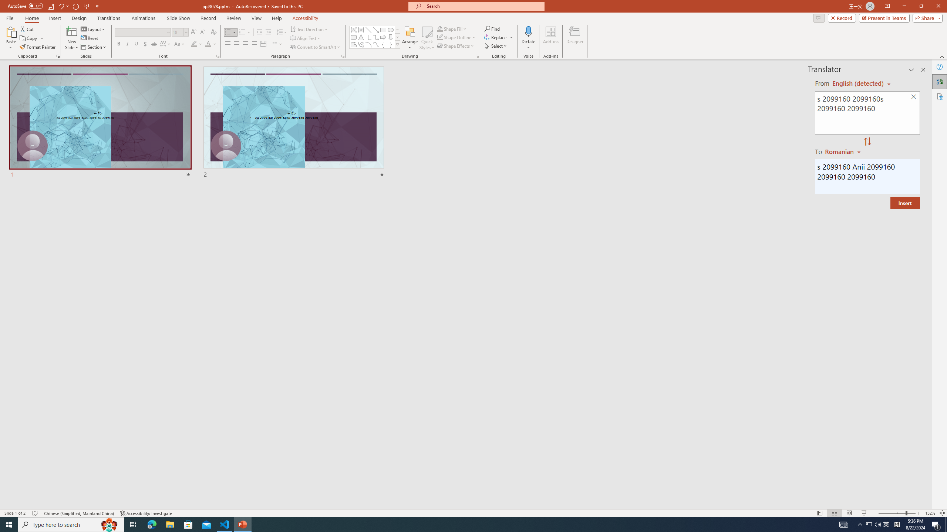  What do you see at coordinates (57, 55) in the screenshot?
I see `'Office Clipboard...'` at bounding box center [57, 55].